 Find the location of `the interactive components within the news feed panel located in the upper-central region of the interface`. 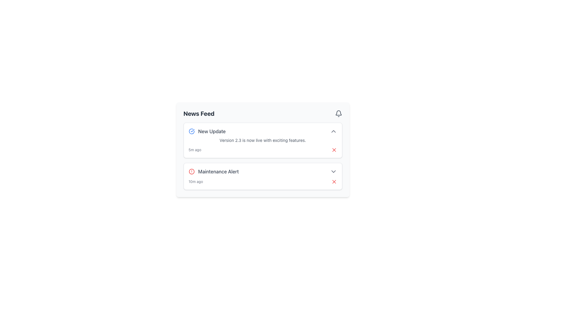

the interactive components within the news feed panel located in the upper-central region of the interface is located at coordinates (263, 149).